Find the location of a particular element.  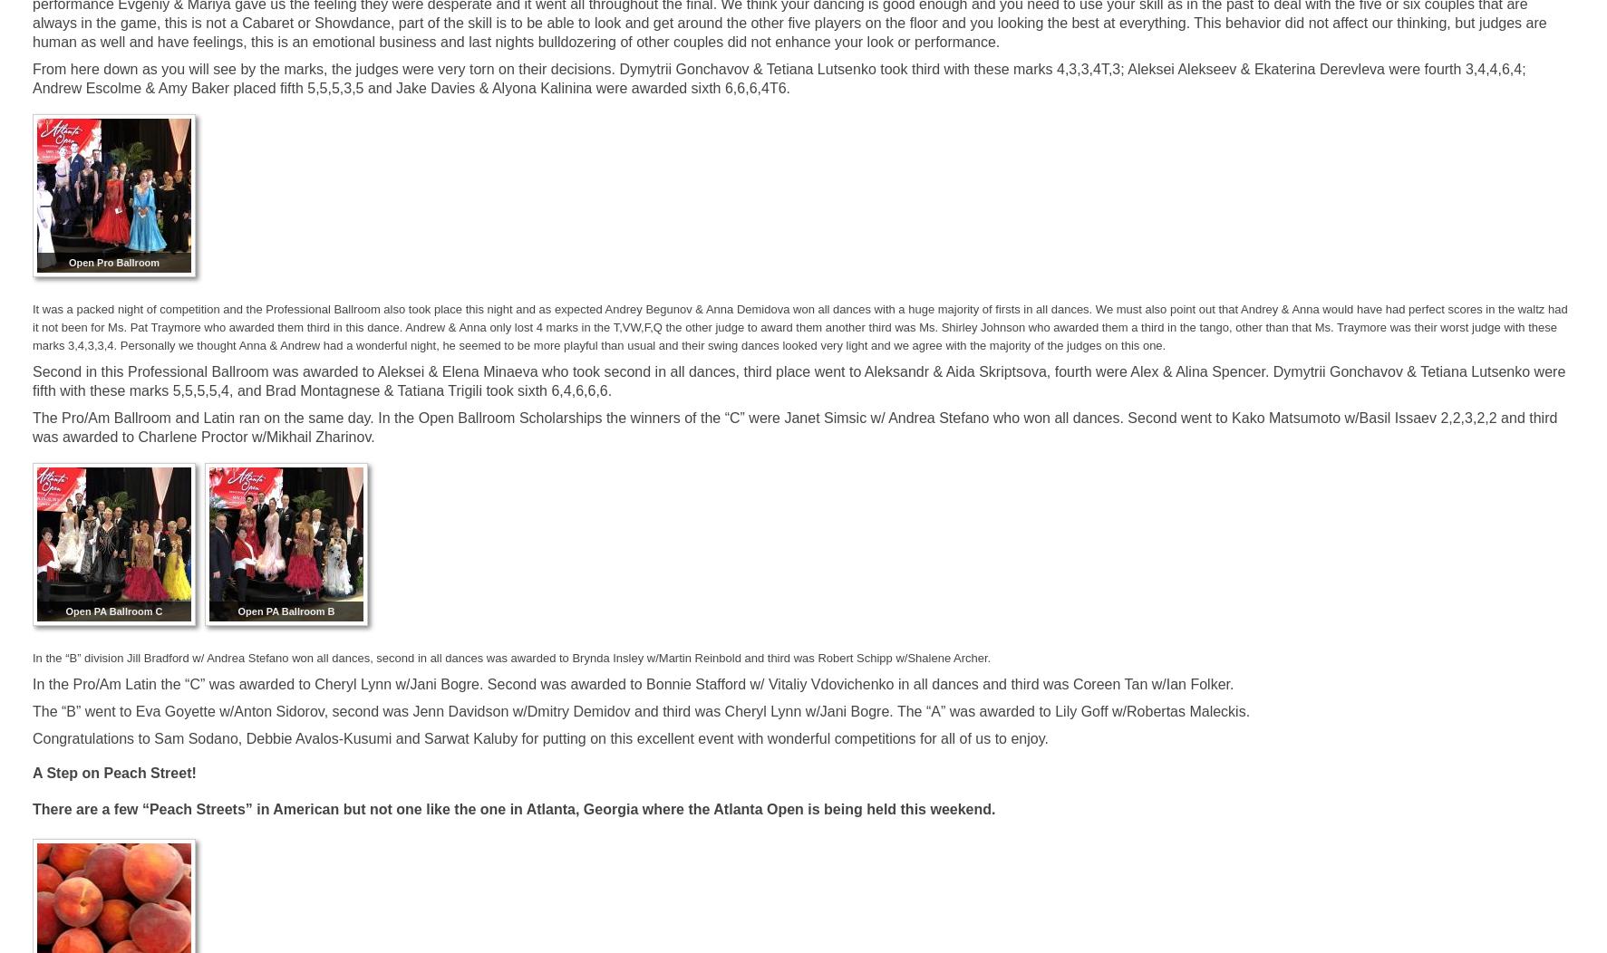

'From here down as you will see by the marks, the judges were very torn on their decisions. Dymytrii Gonchavov & Tetiana Lutsenko took third with these marks 4,3,3,4T,3; Aleksei Alekseev & Ekaterina Derevleva were fourth 3,4,4,6,4; Andrew Escolme & Amy Baker placed fifth 5,5,5,3,5 and Jake Davies & Alyona Kalinina were awarded sixth 6,6,6,4T6.' is located at coordinates (778, 78).